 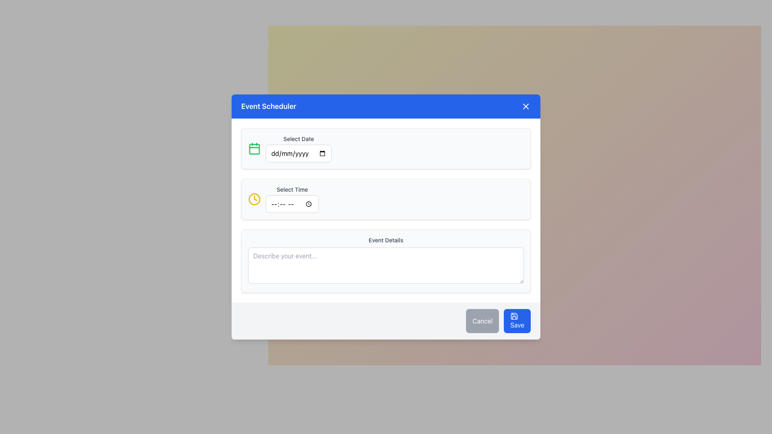 What do you see at coordinates (254, 199) in the screenshot?
I see `the central circle of the clock icon, which is part of the SVG representation near the 'Select Time' field` at bounding box center [254, 199].